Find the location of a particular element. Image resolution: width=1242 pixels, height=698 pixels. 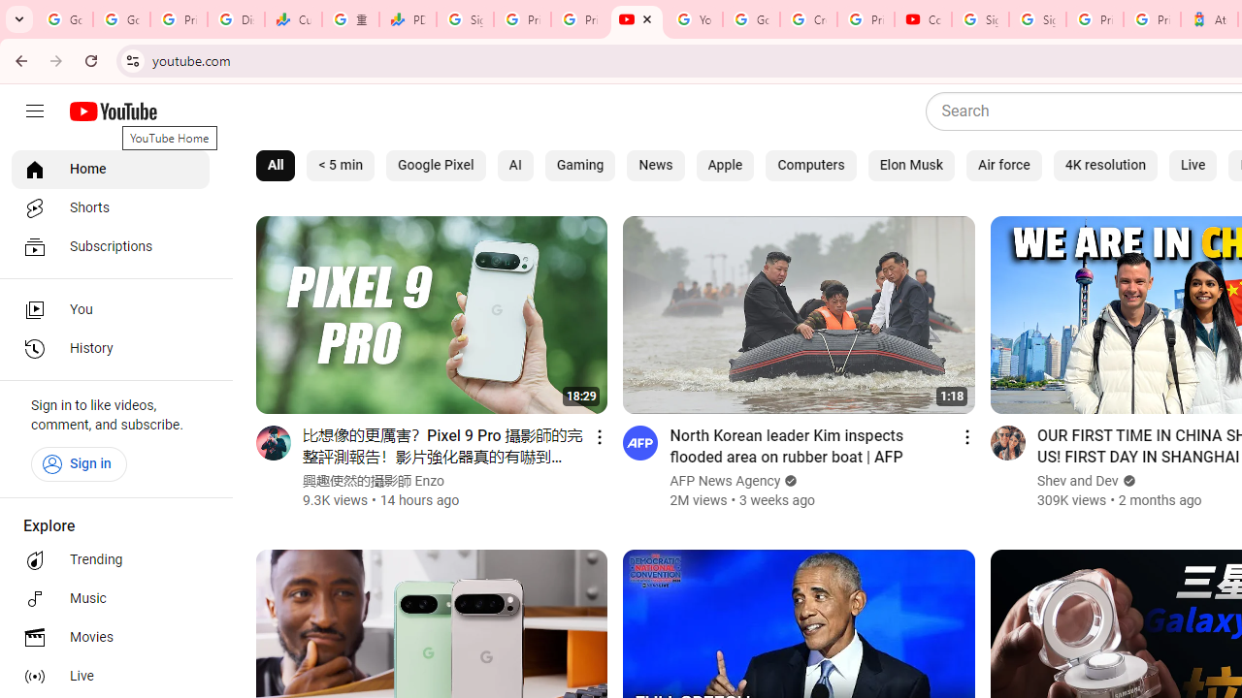

'Google Pixel' is located at coordinates (435, 165).